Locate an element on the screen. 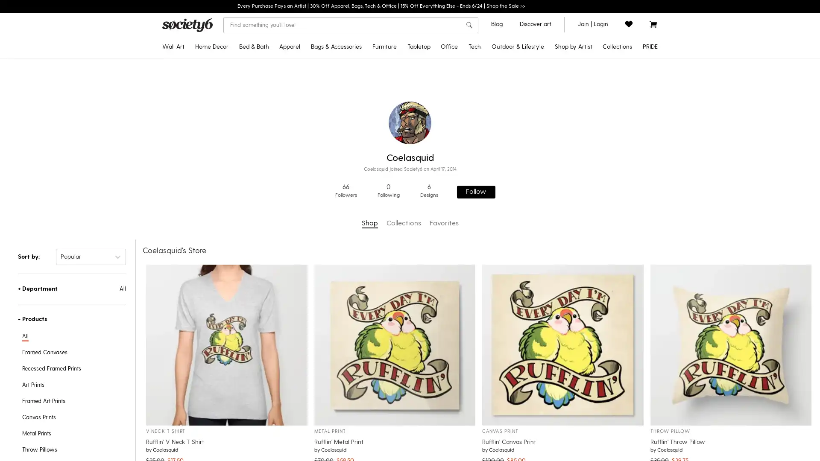 This screenshot has height=461, width=820. Yoga Mats is located at coordinates (529, 82).